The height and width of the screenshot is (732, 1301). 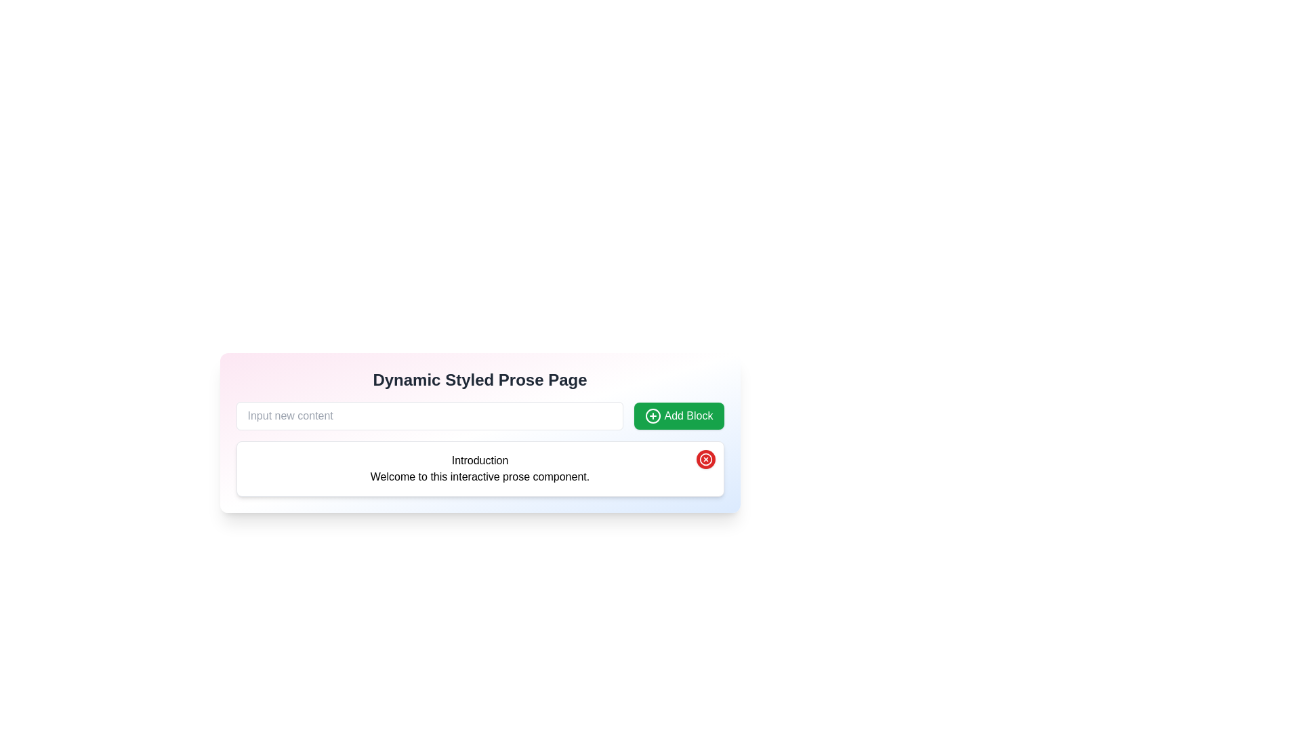 I want to click on the Icon component of the 'Add Block' button, which is located in the top-right corner of the interface near the input box, so click(x=653, y=415).